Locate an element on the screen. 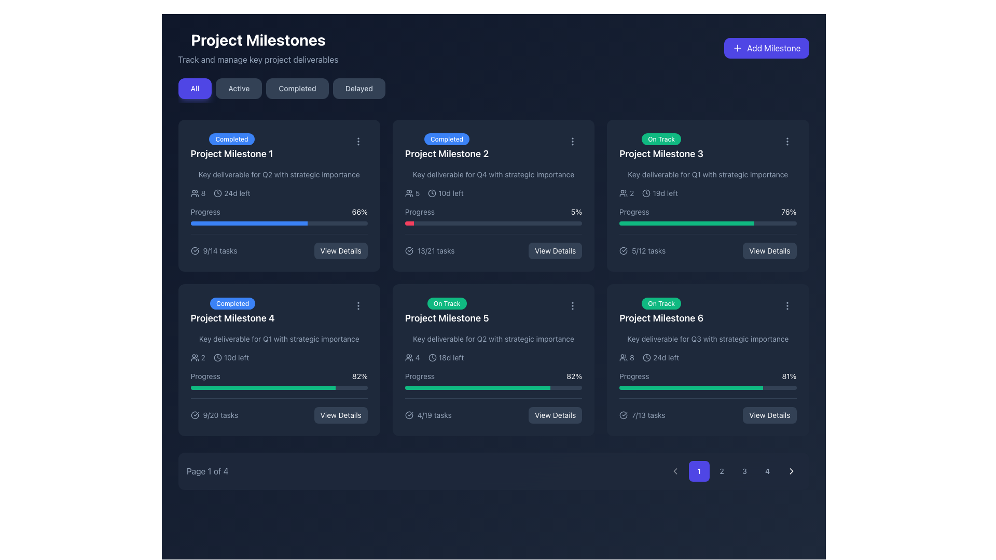 This screenshot has height=560, width=996. textual information 'Progress' and '82%' from the Progress Indicator located within the 'Project Milestone 5' card, which shows the completion status of the project is located at coordinates (493, 380).